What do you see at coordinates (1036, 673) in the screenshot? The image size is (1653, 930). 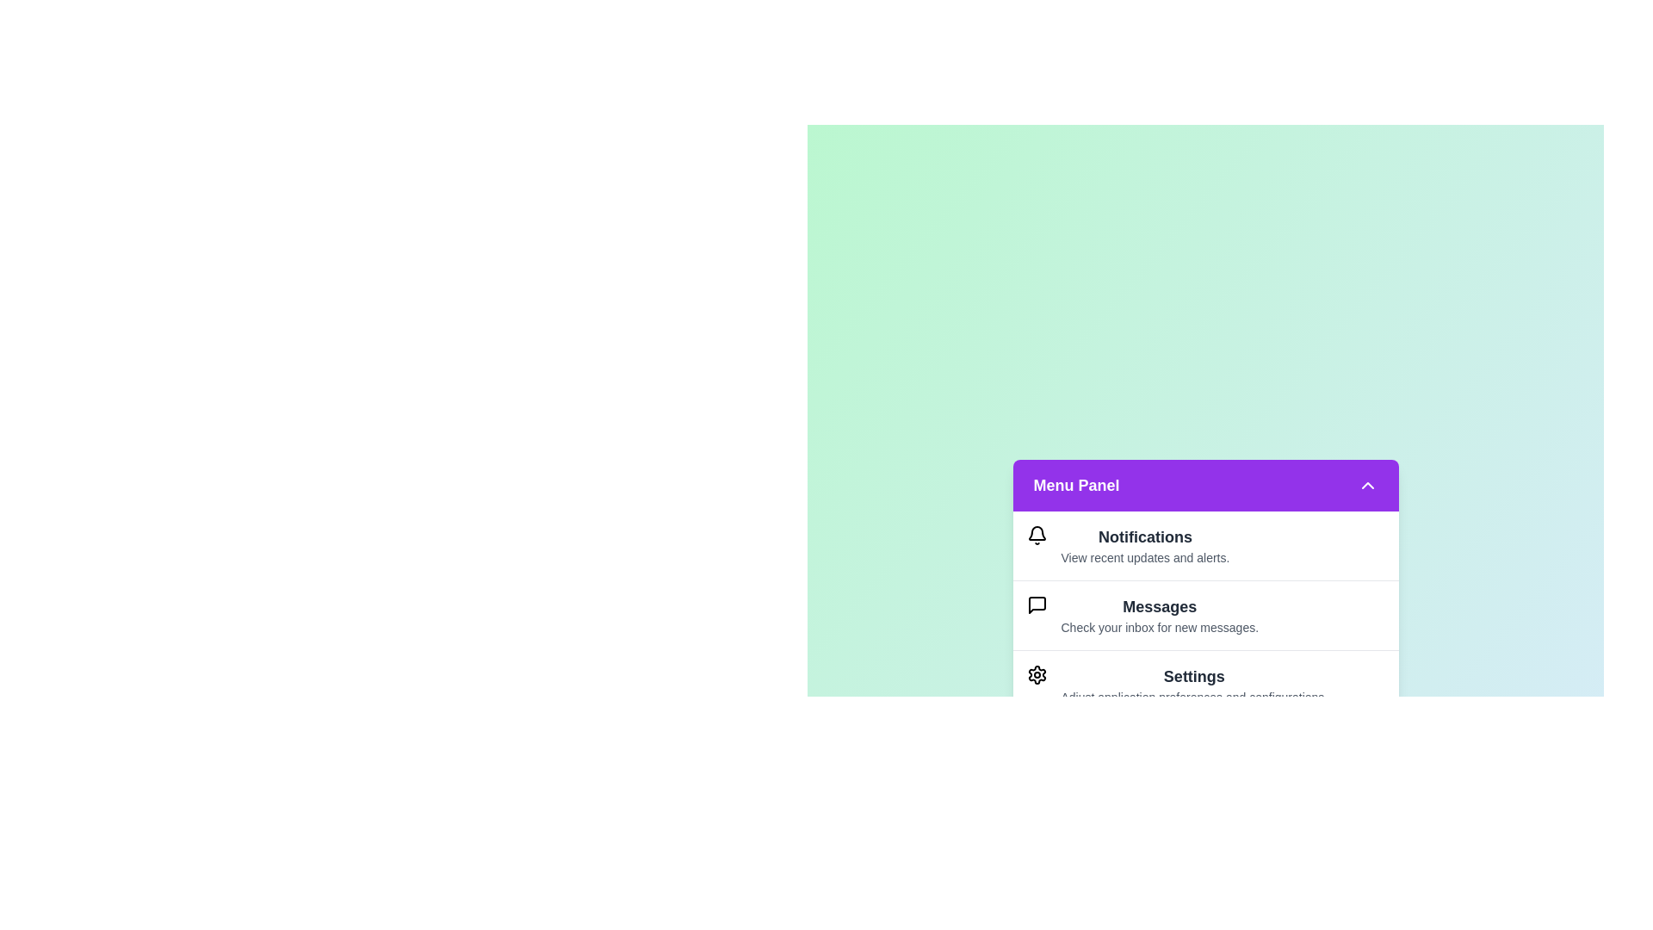 I see `the icon of the menu item Settings` at bounding box center [1036, 673].